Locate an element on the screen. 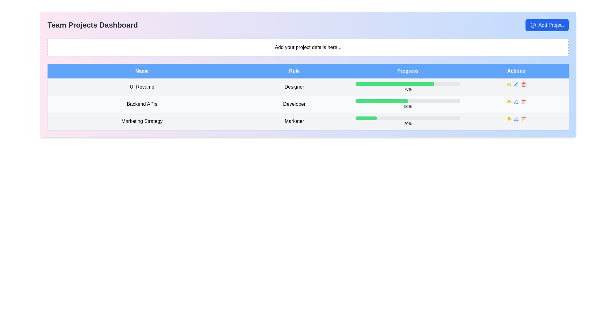 Image resolution: width=589 pixels, height=331 pixels. the Text Label in the leftmost column of the third row in the table under the heading 'Name', which identifies the project or task is located at coordinates (141, 121).